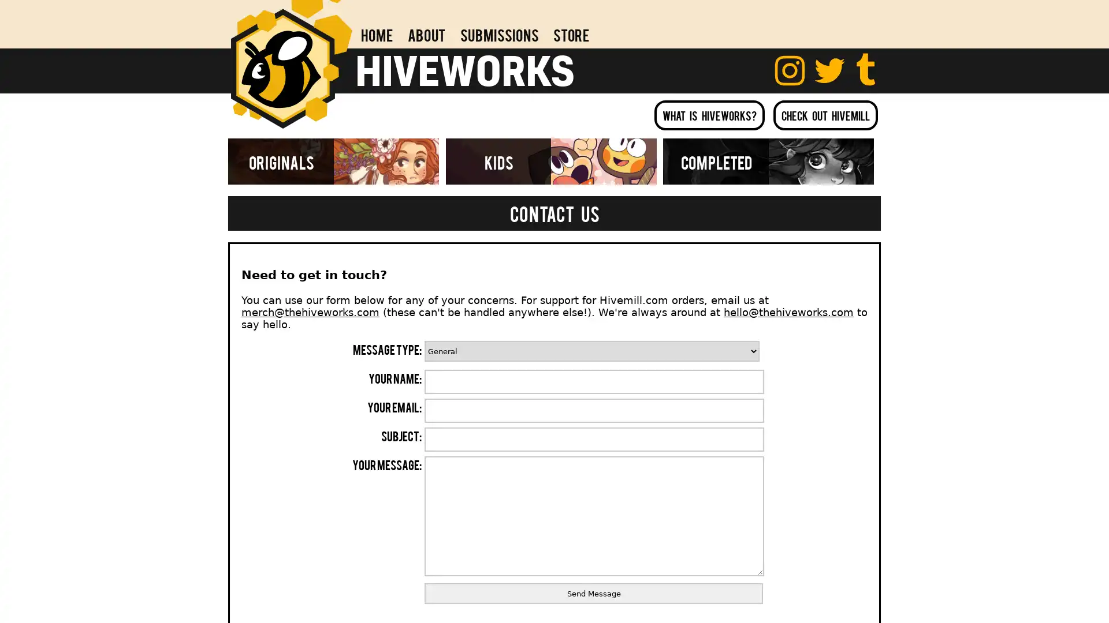 Image resolution: width=1109 pixels, height=623 pixels. What do you see at coordinates (593, 594) in the screenshot?
I see `Send Message` at bounding box center [593, 594].